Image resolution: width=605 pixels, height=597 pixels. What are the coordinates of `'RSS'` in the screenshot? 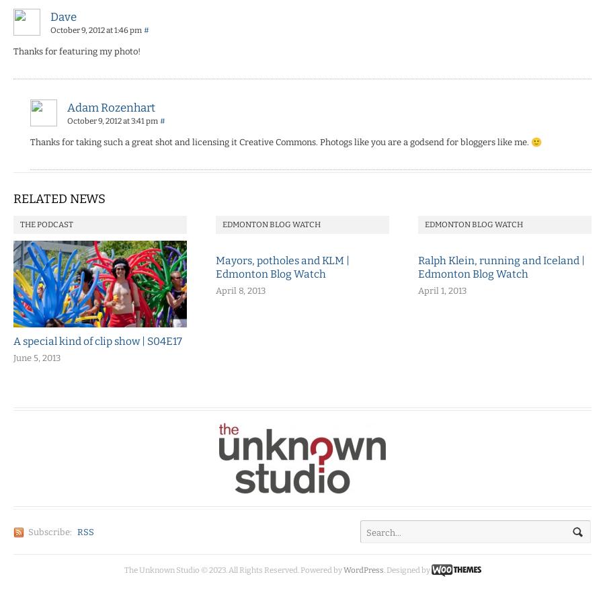 It's located at (85, 532).